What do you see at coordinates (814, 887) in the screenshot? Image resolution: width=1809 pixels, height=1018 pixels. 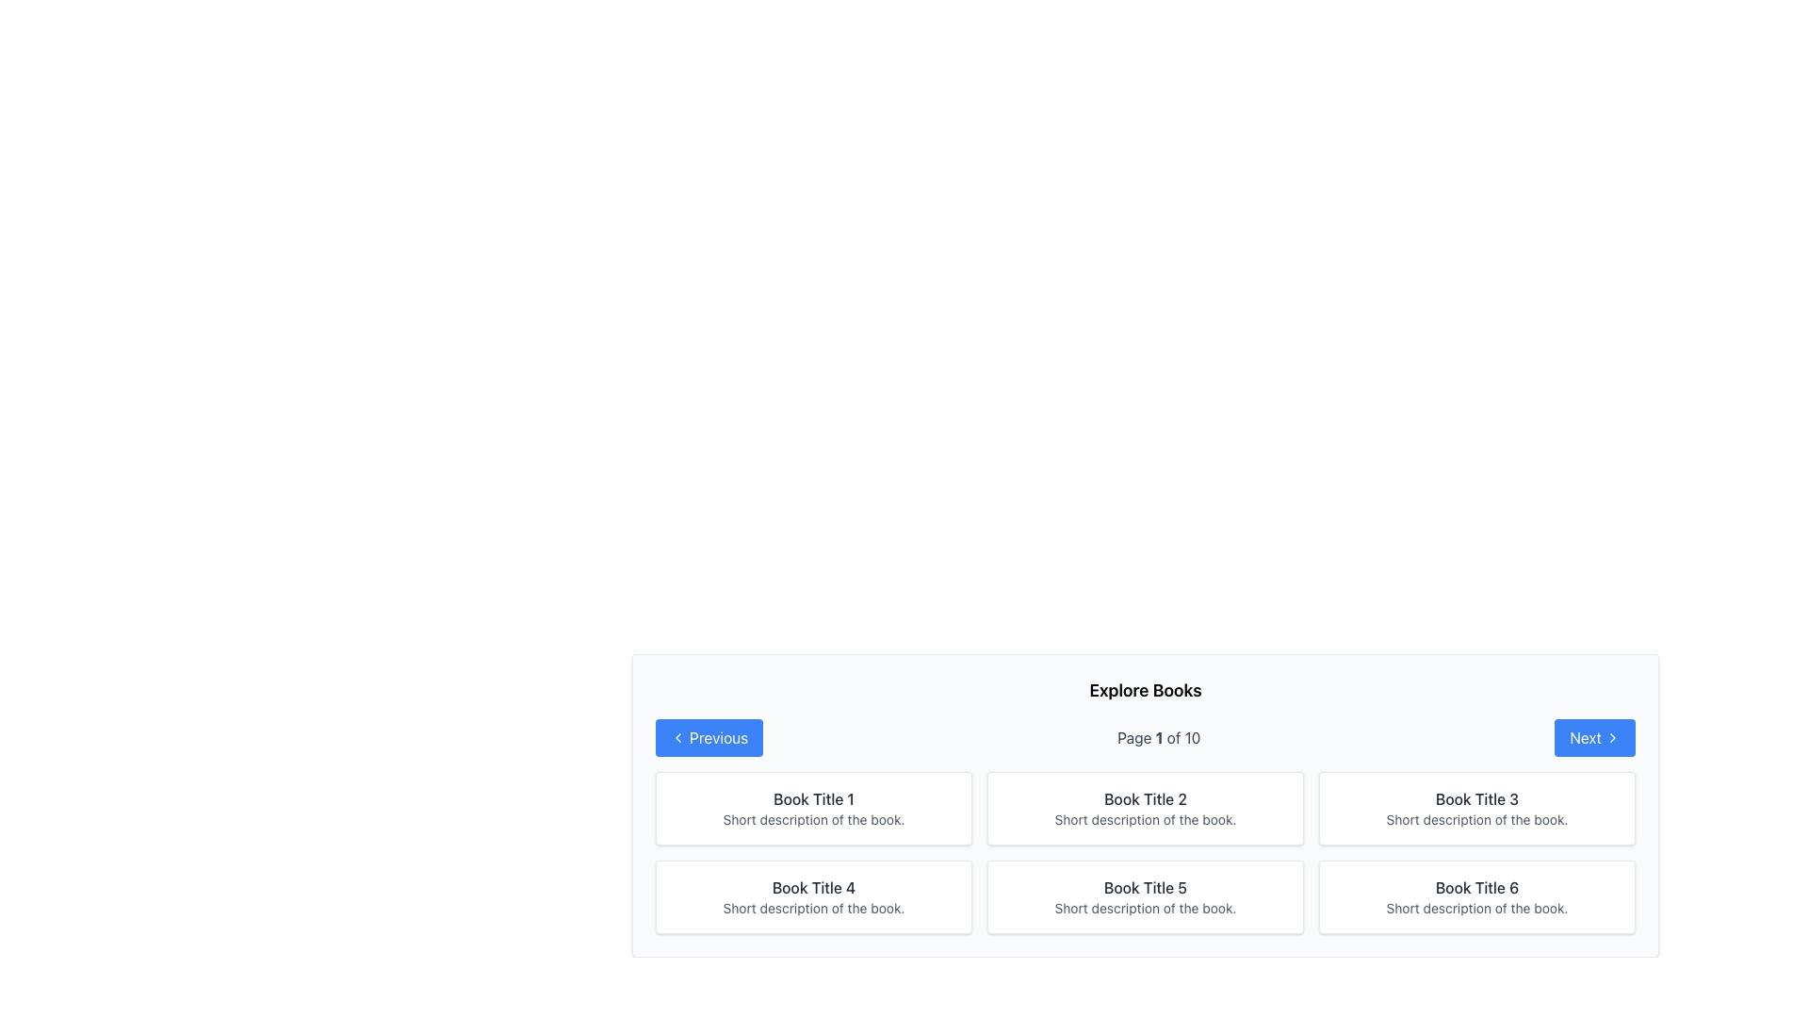 I see `text 'Book Title 4' displayed in a bold, dark gray font at the upper part of the card` at bounding box center [814, 887].